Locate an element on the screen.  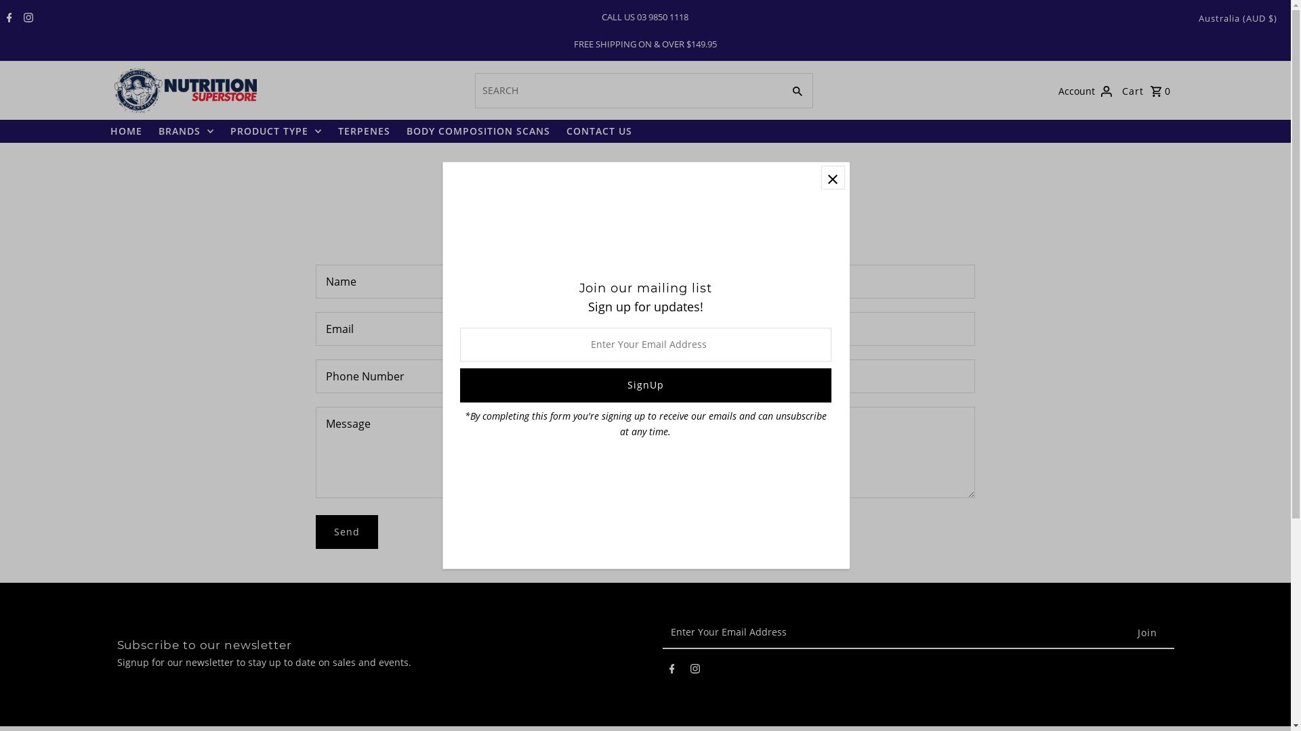
'Home' is located at coordinates (607, 166).